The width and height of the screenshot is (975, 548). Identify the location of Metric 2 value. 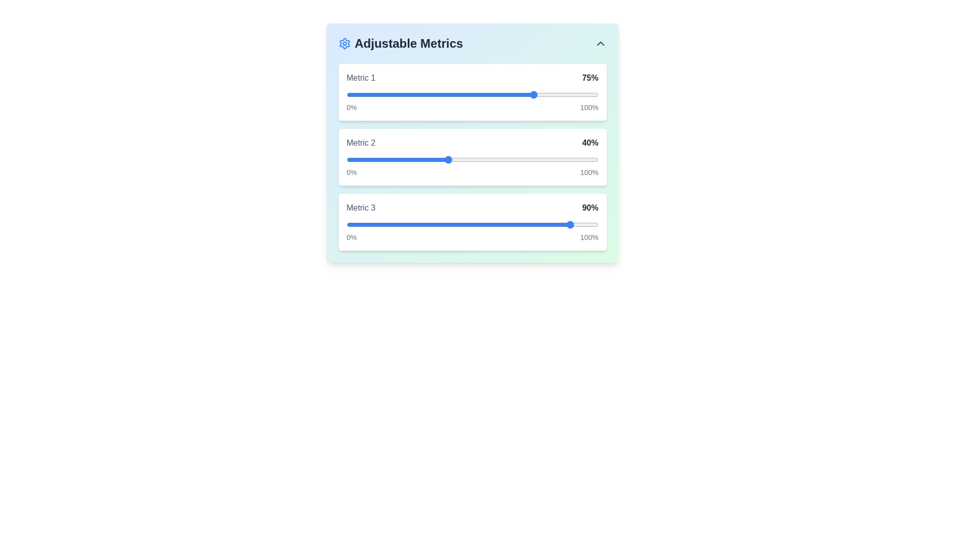
(523, 160).